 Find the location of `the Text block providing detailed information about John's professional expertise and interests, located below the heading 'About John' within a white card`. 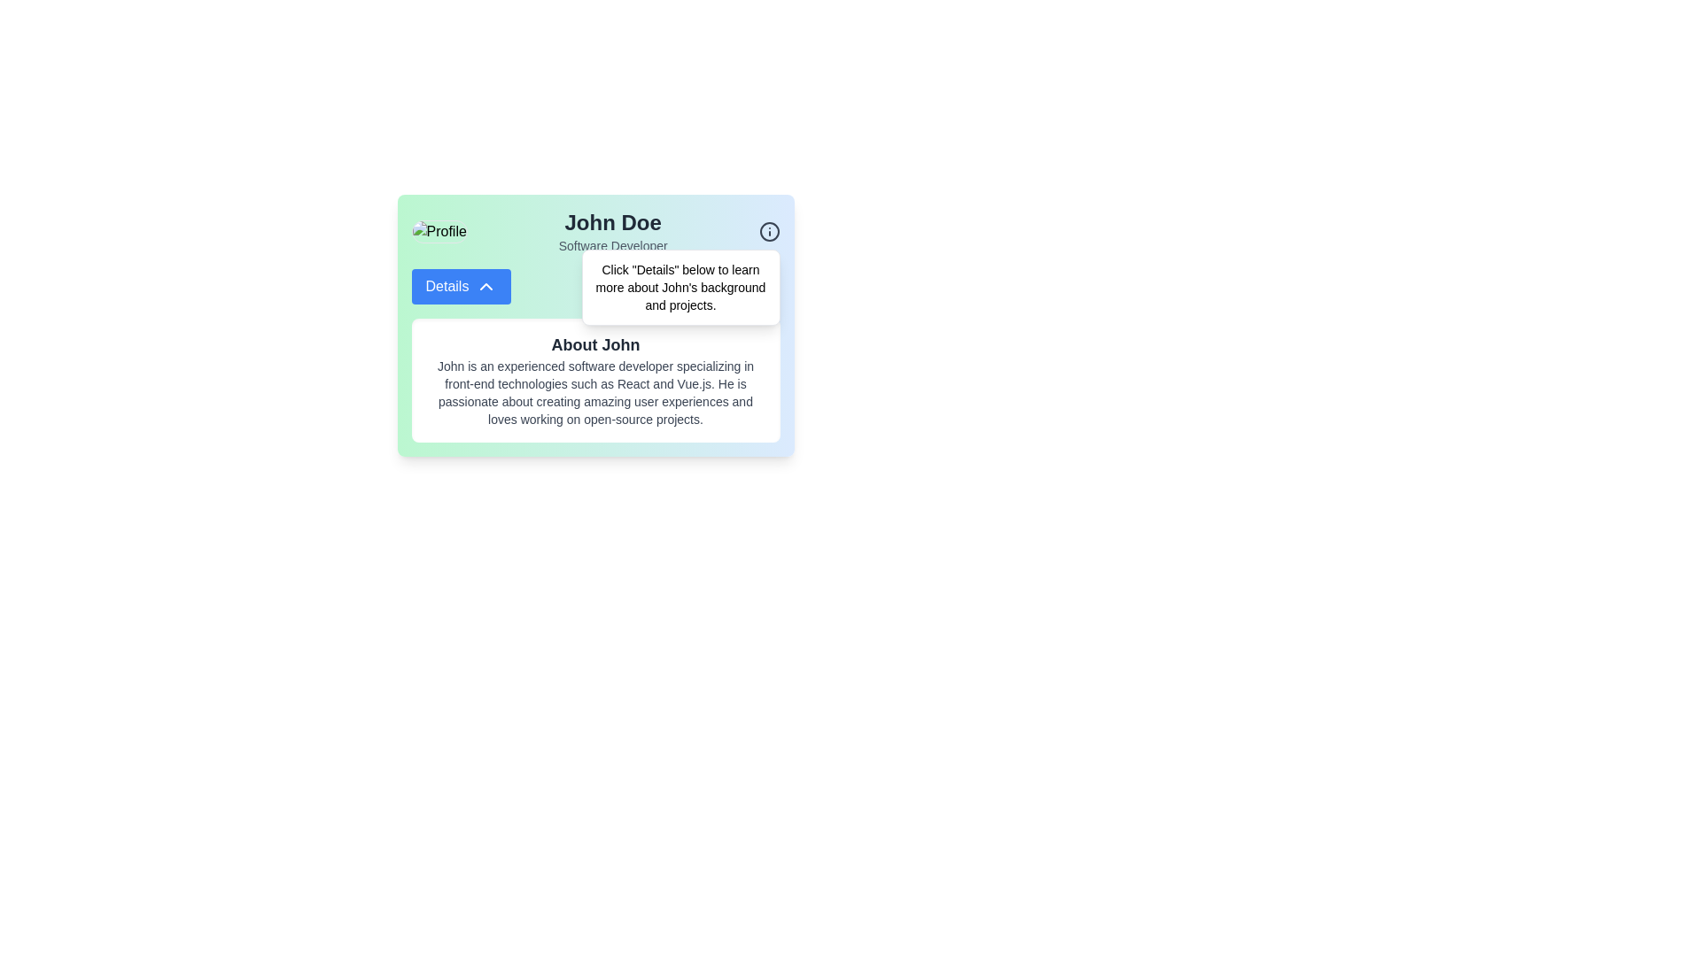

the Text block providing detailed information about John's professional expertise and interests, located below the heading 'About John' within a white card is located at coordinates (595, 391).